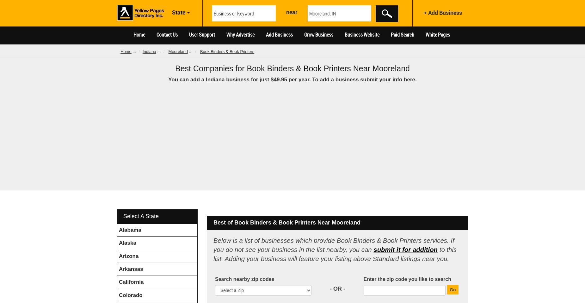 This screenshot has width=585, height=303. I want to click on 'Alabama', so click(130, 230).